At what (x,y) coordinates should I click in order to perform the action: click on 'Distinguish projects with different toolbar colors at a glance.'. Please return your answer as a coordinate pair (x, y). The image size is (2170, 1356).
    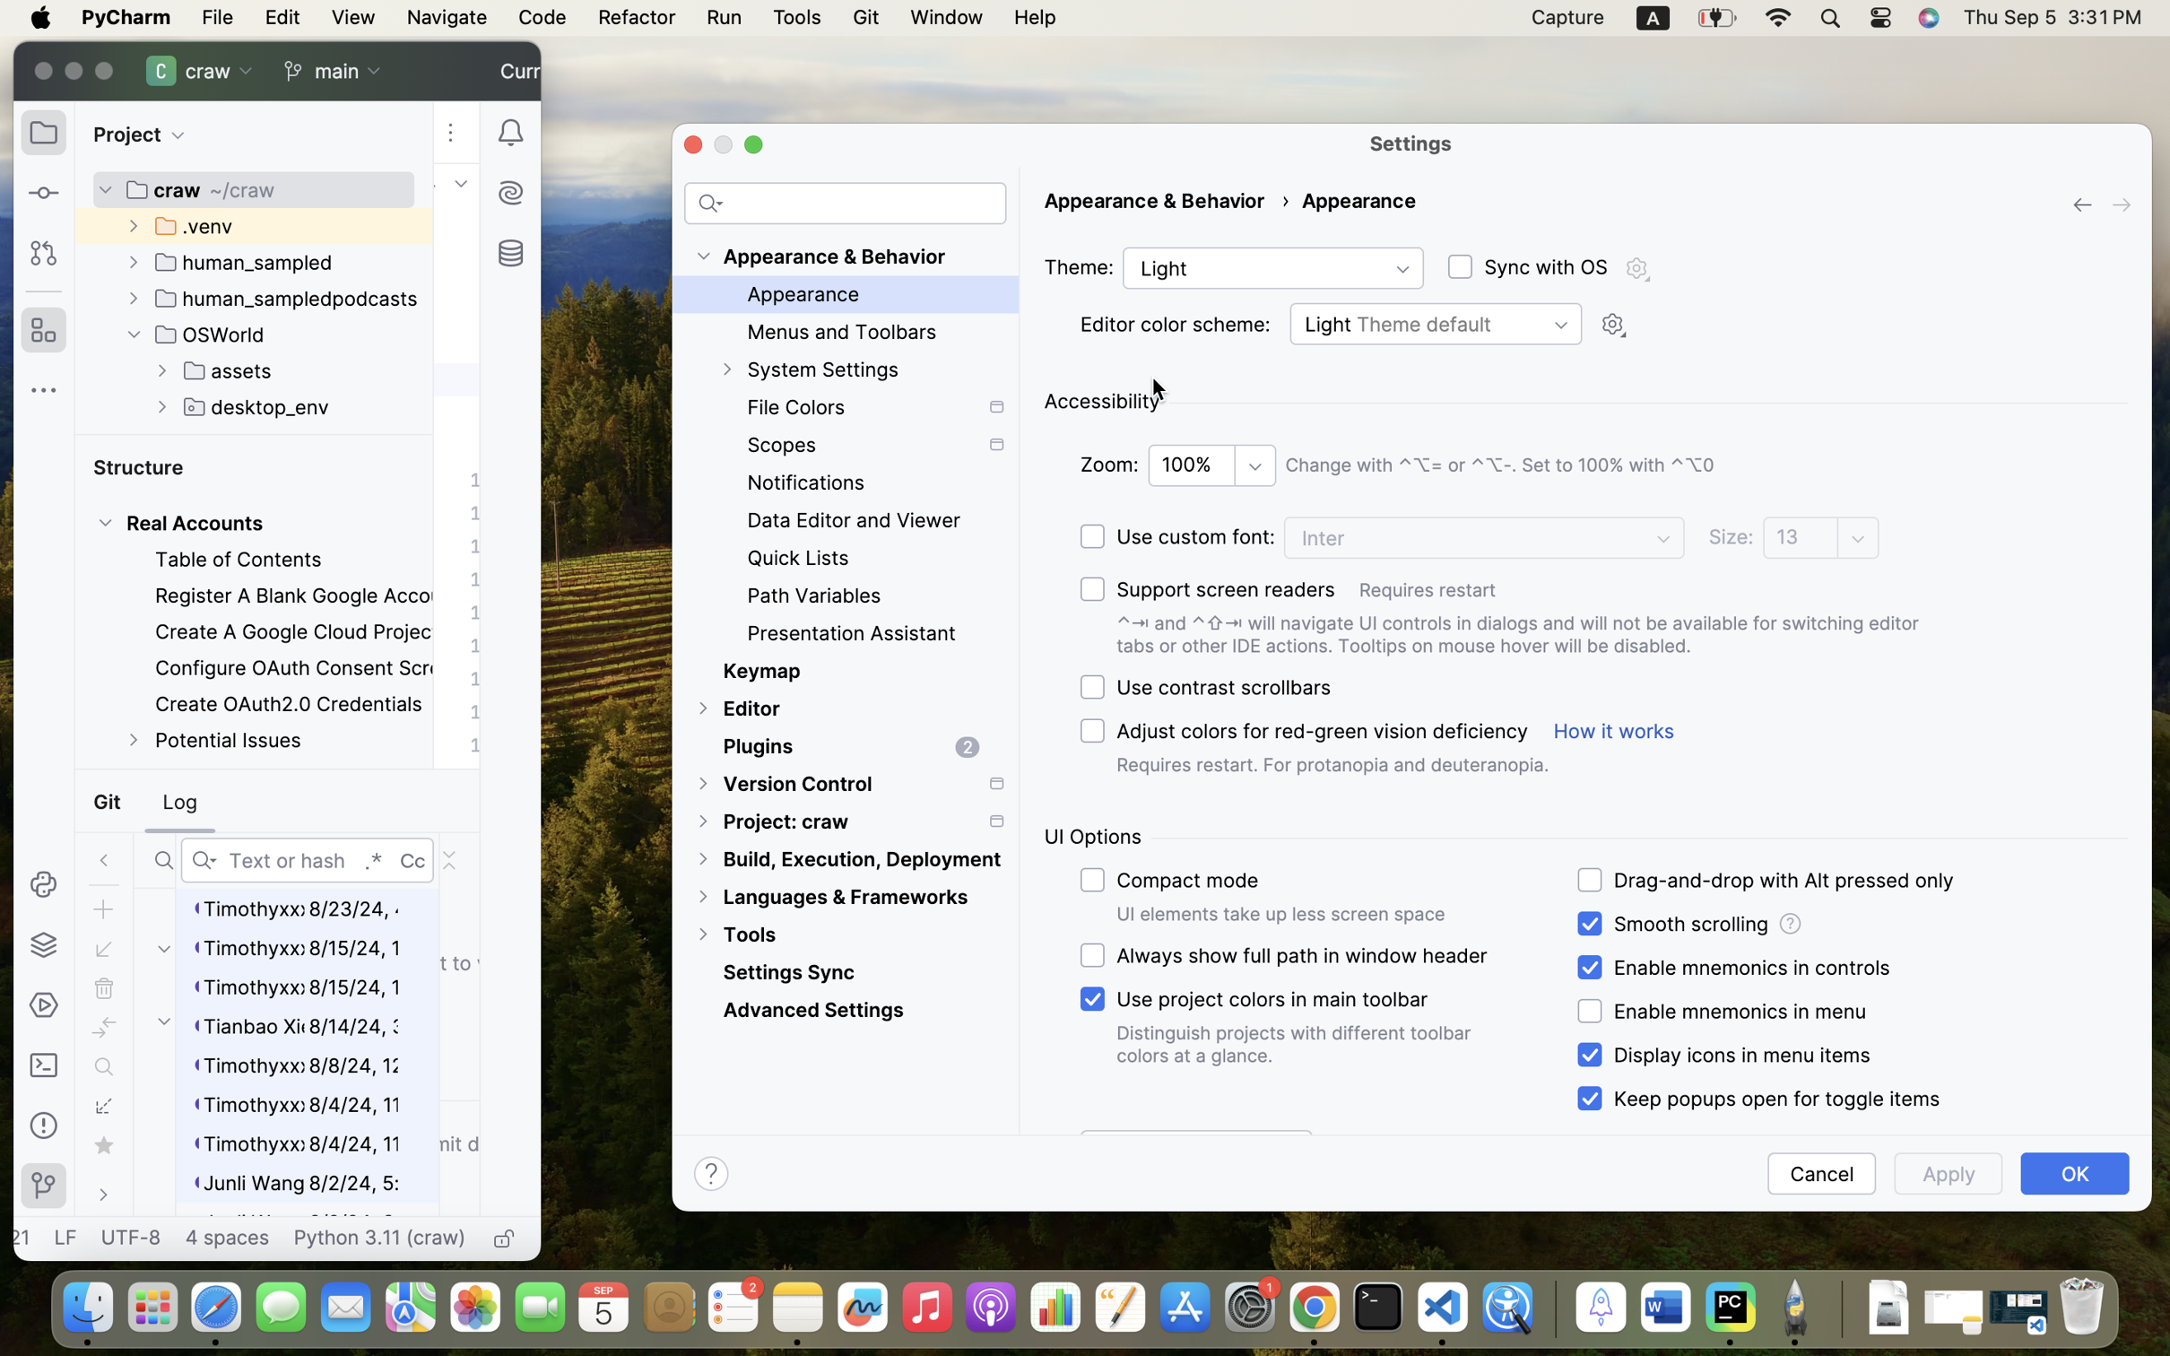
    Looking at the image, I should click on (1296, 1043).